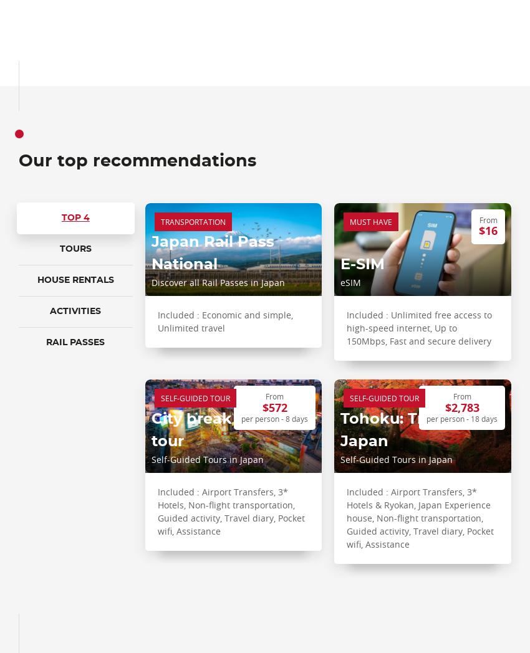  I want to click on 'Transportation', so click(160, 221).